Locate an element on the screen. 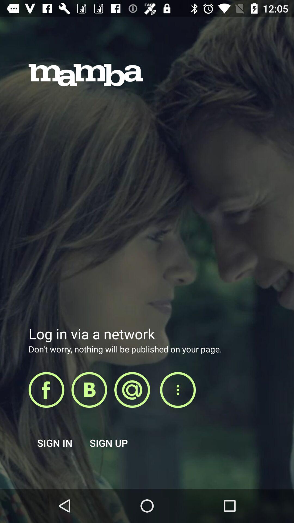  at option is located at coordinates (132, 390).